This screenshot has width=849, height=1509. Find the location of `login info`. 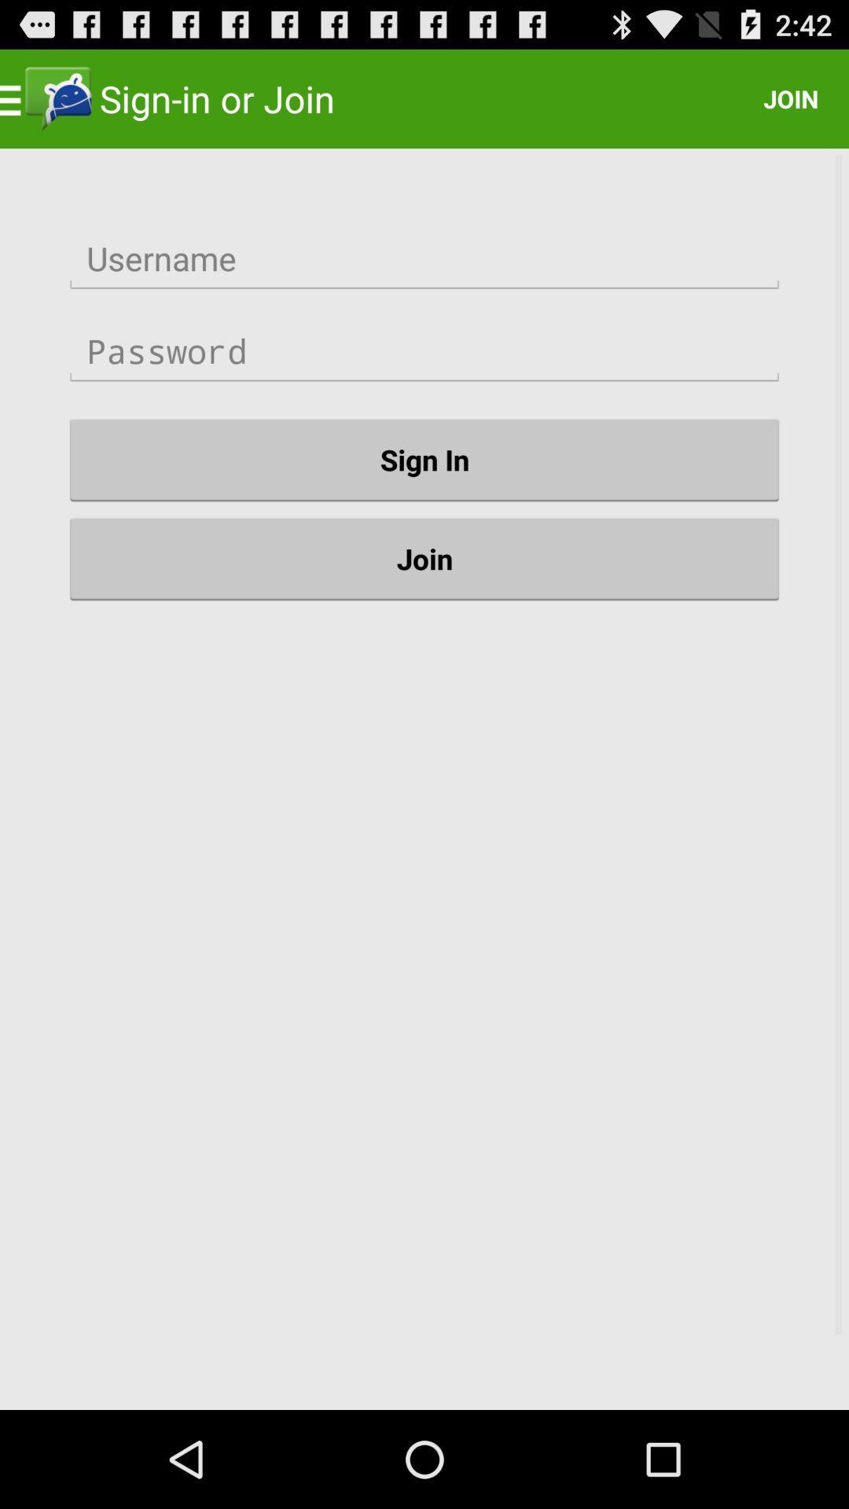

login info is located at coordinates (424, 259).